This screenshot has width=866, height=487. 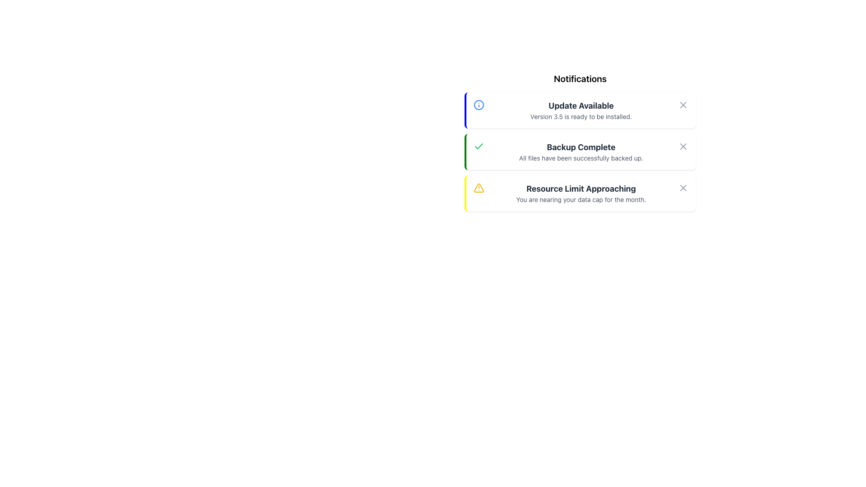 I want to click on the text element that says 'All files have been successfully backed up.' which is located below the title 'Backup Complete' in the notification card, so click(x=581, y=158).